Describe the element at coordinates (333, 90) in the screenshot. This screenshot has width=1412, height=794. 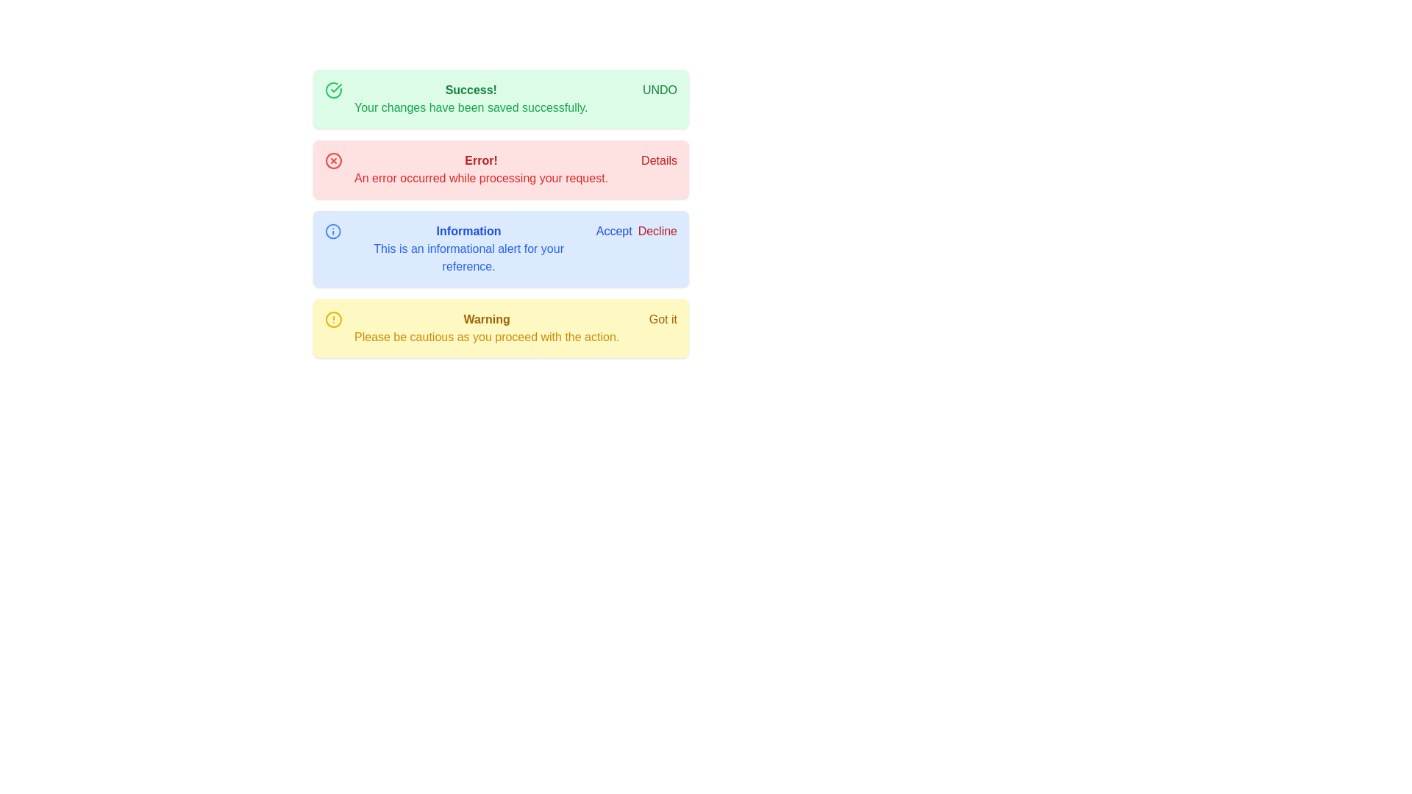
I see `the circular icon with a checkmark in the green notification box that indicates success, positioned as the leftmost component above other notification boxes` at that location.